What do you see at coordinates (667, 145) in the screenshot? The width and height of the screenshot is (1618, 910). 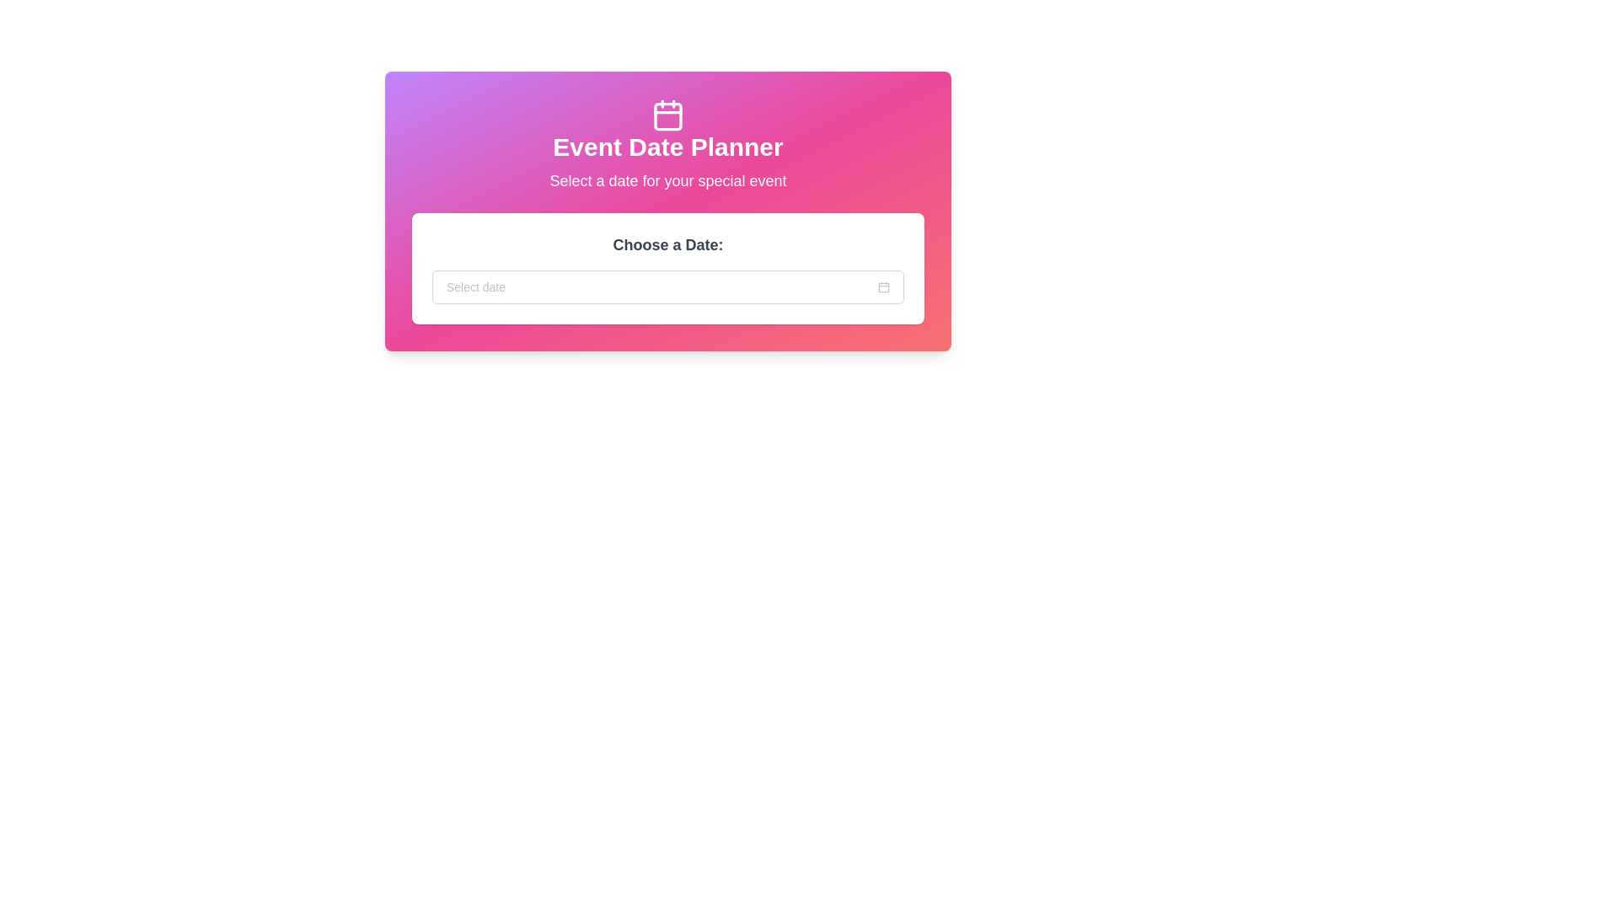 I see `the Header section containing the SVG calendar icon, which features bold header text and regular subheader text against a gradient background` at bounding box center [667, 145].